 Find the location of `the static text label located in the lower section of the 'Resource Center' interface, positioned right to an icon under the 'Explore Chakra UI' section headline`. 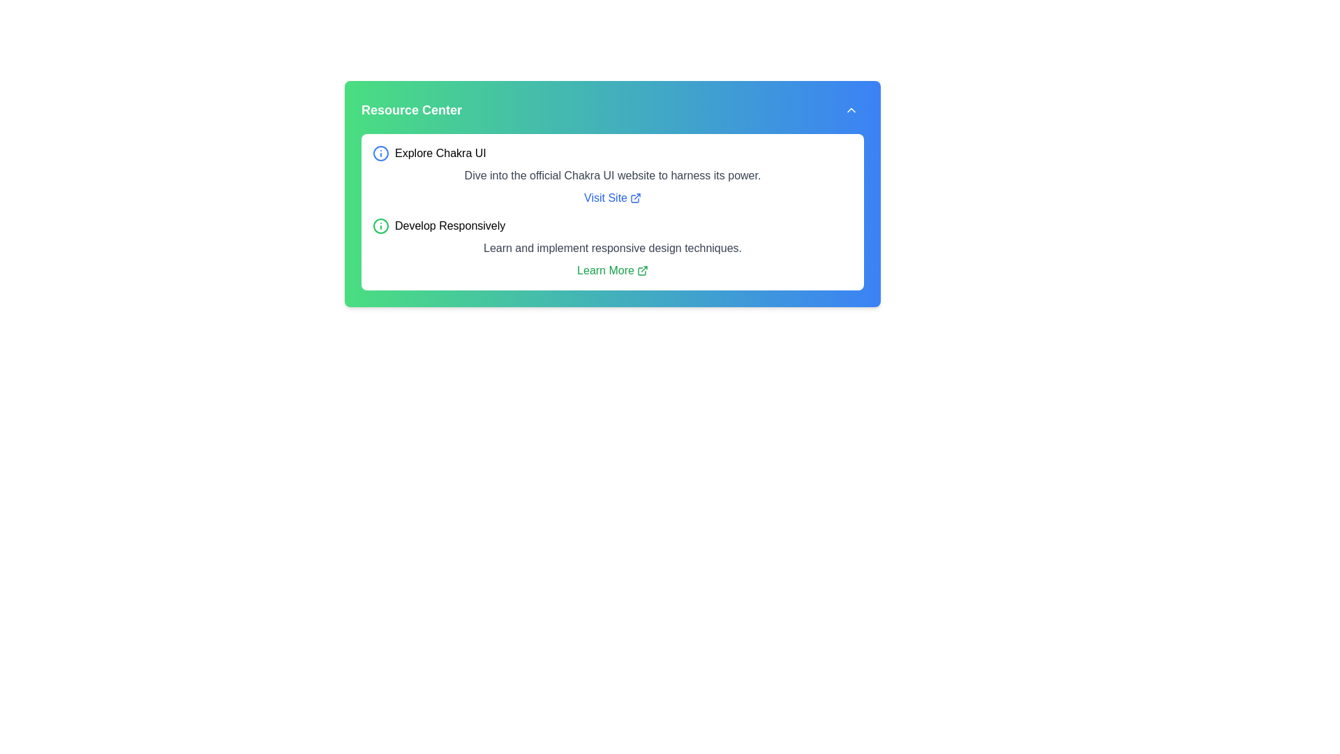

the static text label located in the lower section of the 'Resource Center' interface, positioned right to an icon under the 'Explore Chakra UI' section headline is located at coordinates (450, 226).